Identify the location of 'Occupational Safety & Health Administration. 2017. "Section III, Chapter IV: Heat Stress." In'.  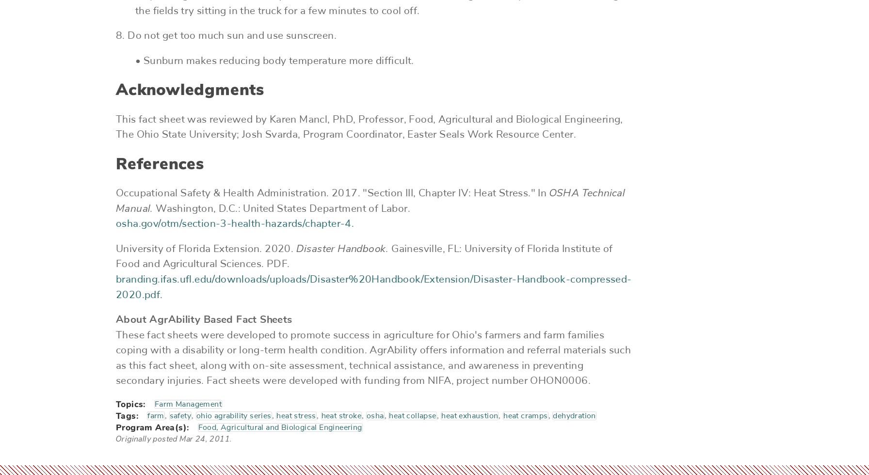
(332, 193).